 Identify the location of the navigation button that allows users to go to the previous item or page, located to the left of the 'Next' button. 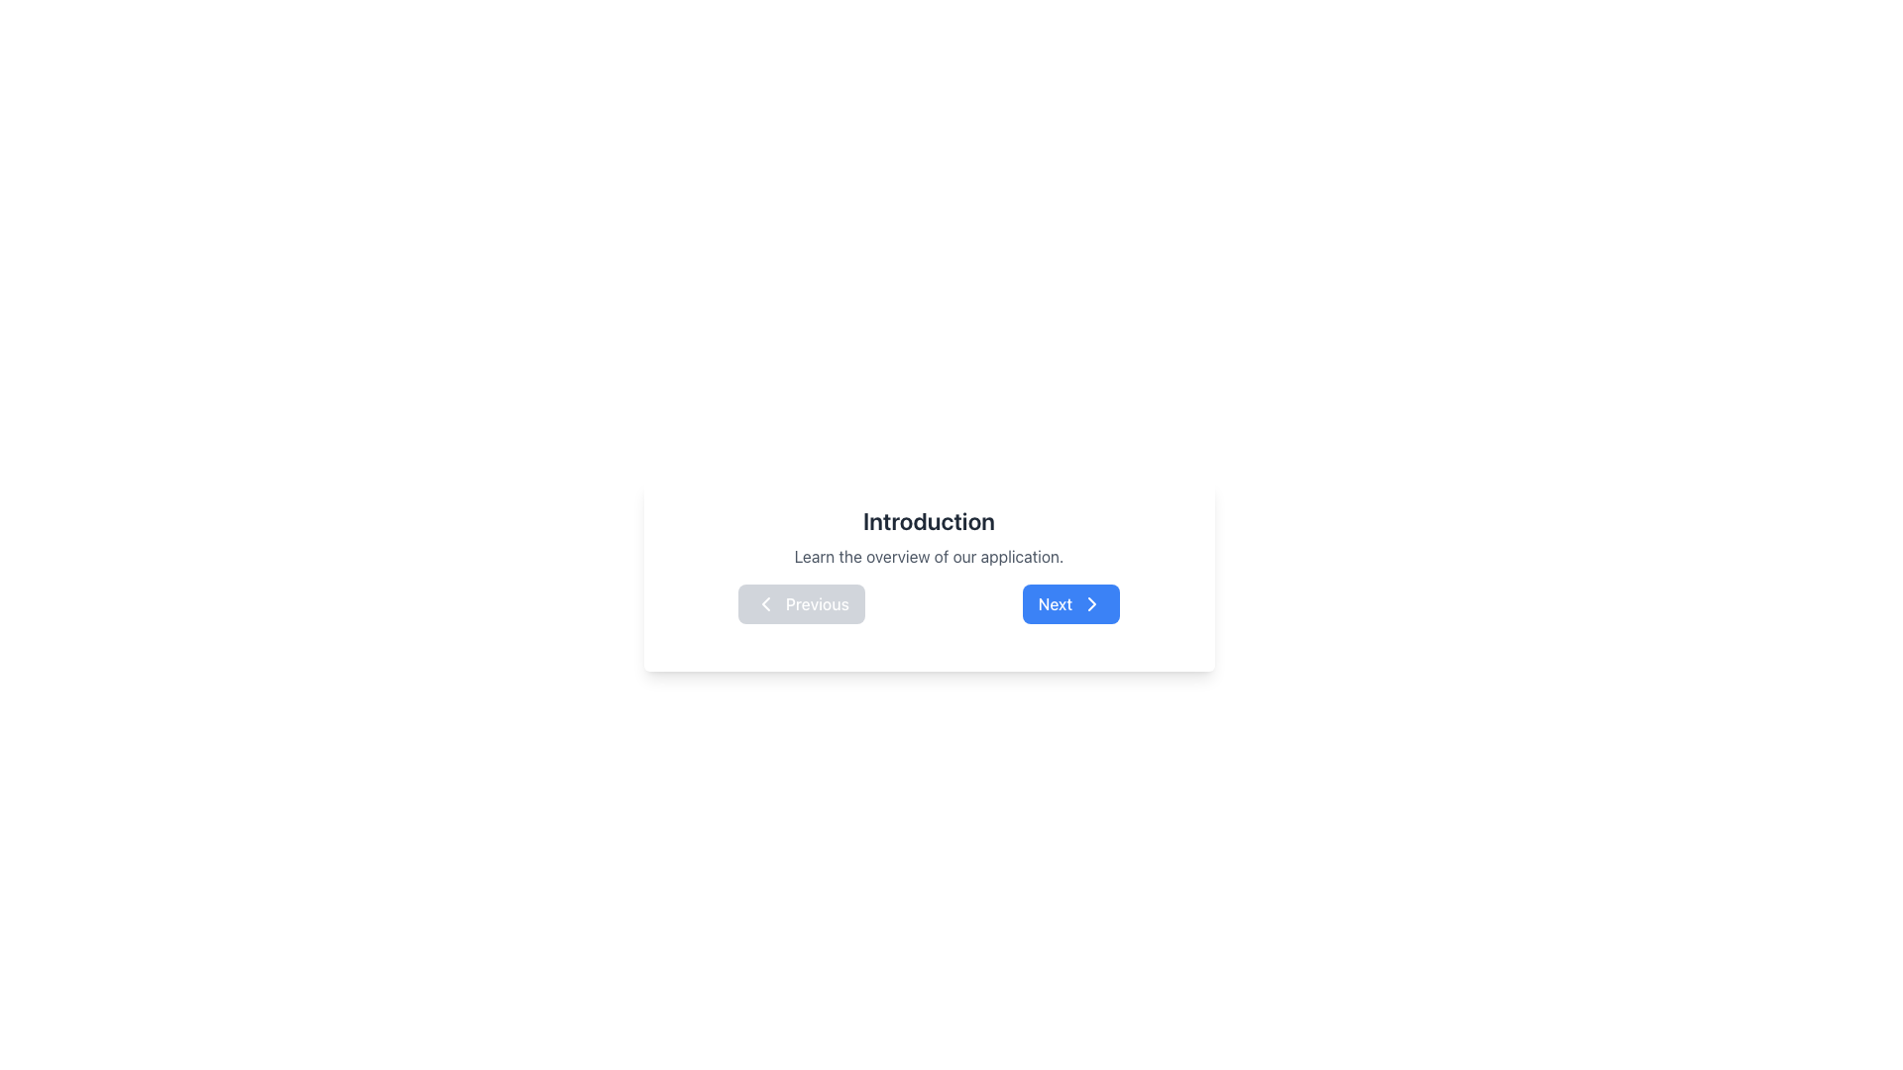
(801, 602).